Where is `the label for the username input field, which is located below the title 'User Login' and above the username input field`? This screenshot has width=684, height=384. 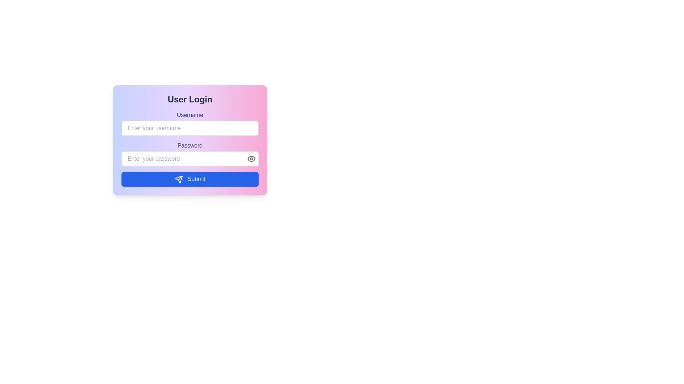 the label for the username input field, which is located below the title 'User Login' and above the username input field is located at coordinates (190, 115).